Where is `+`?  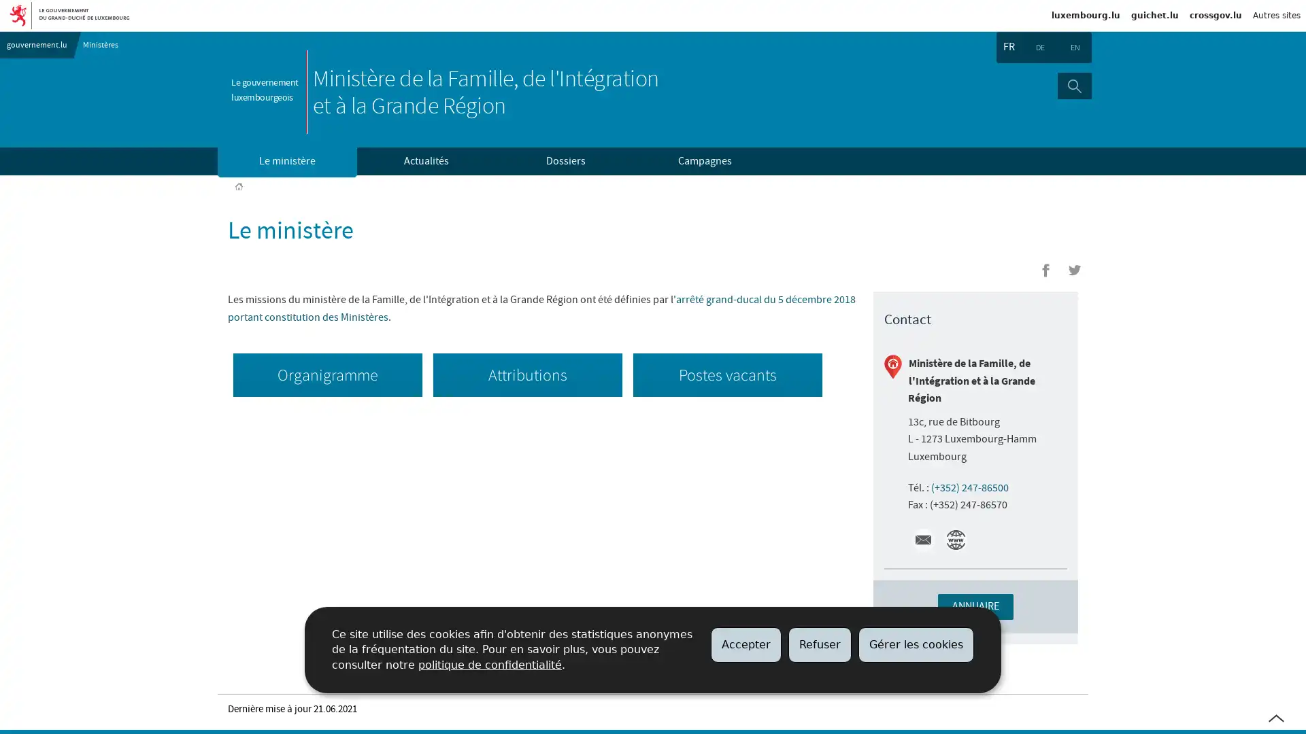 + is located at coordinates (905, 592).